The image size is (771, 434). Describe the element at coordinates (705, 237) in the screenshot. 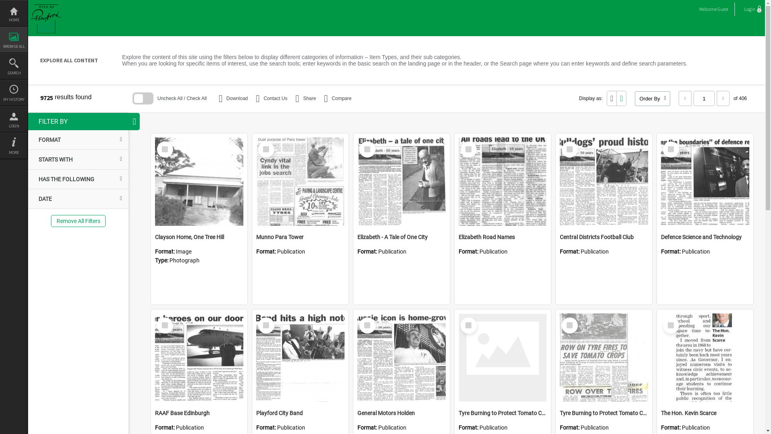

I see `'Defence Science and Technology'` at that location.